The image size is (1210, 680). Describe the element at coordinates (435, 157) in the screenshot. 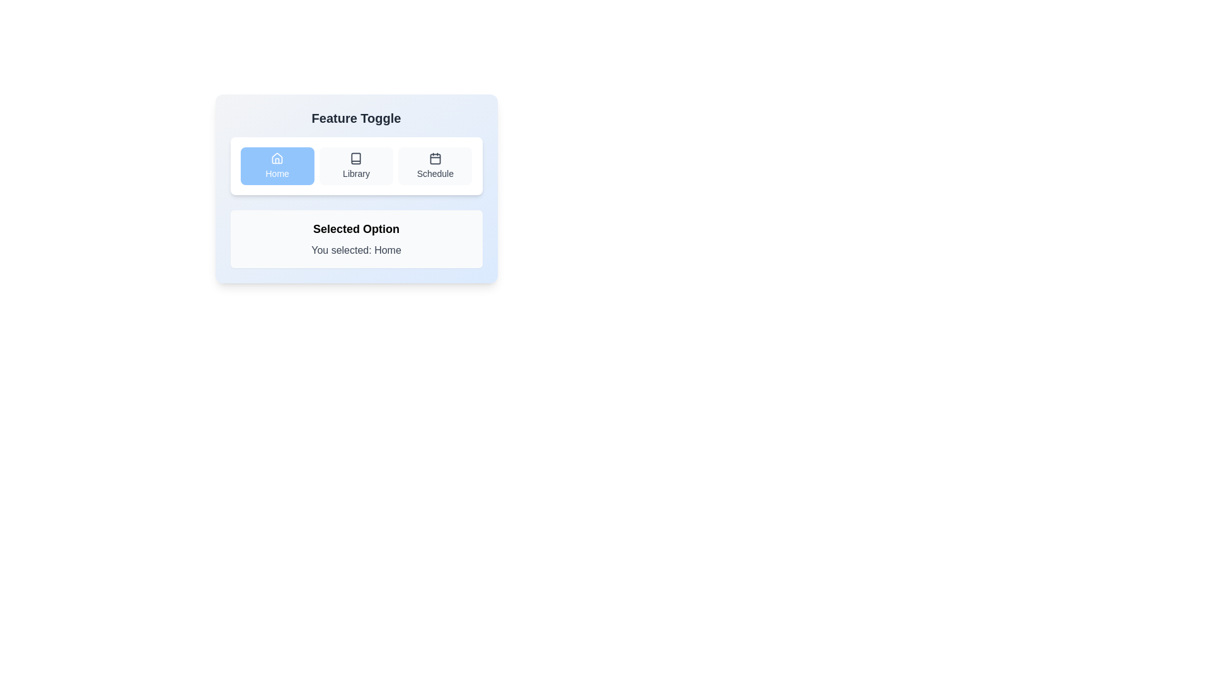

I see `the 'Schedule' icon, which is the third button in the horizontal arrangement of toggle buttons below the 'Feature Toggle' heading` at that location.